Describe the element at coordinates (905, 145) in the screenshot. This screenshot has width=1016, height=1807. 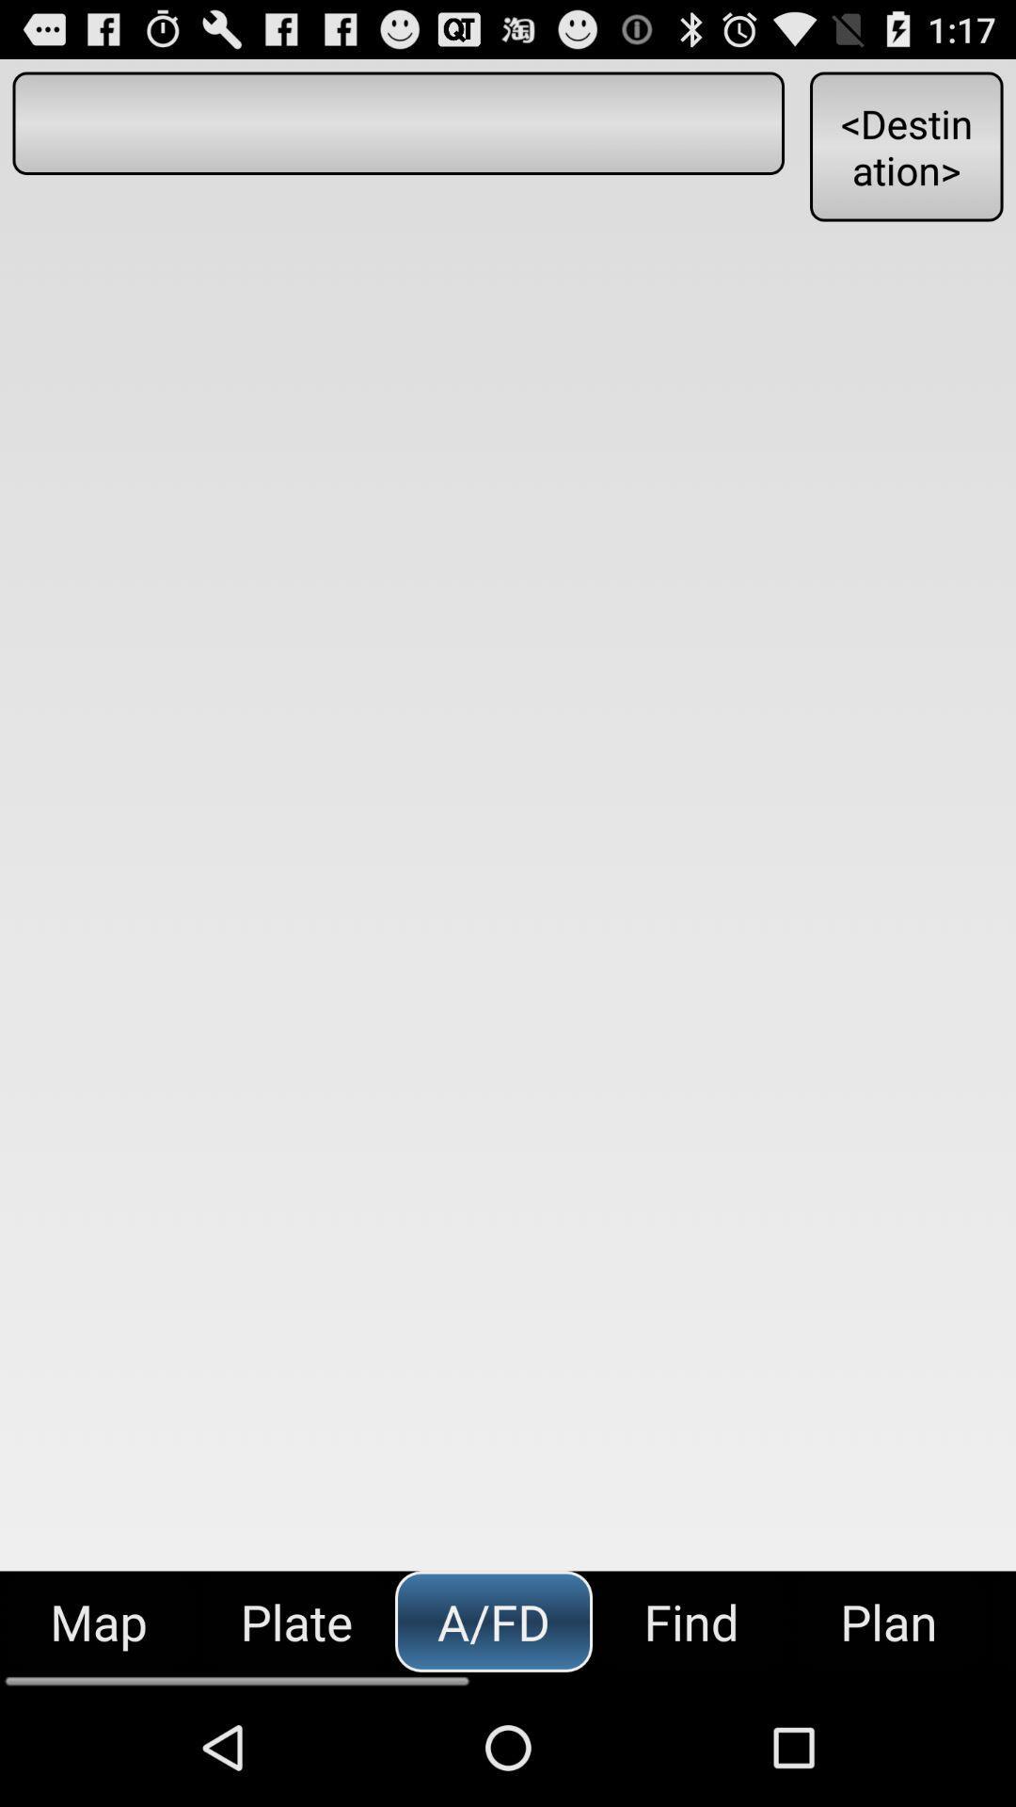
I see `the app above plan item` at that location.